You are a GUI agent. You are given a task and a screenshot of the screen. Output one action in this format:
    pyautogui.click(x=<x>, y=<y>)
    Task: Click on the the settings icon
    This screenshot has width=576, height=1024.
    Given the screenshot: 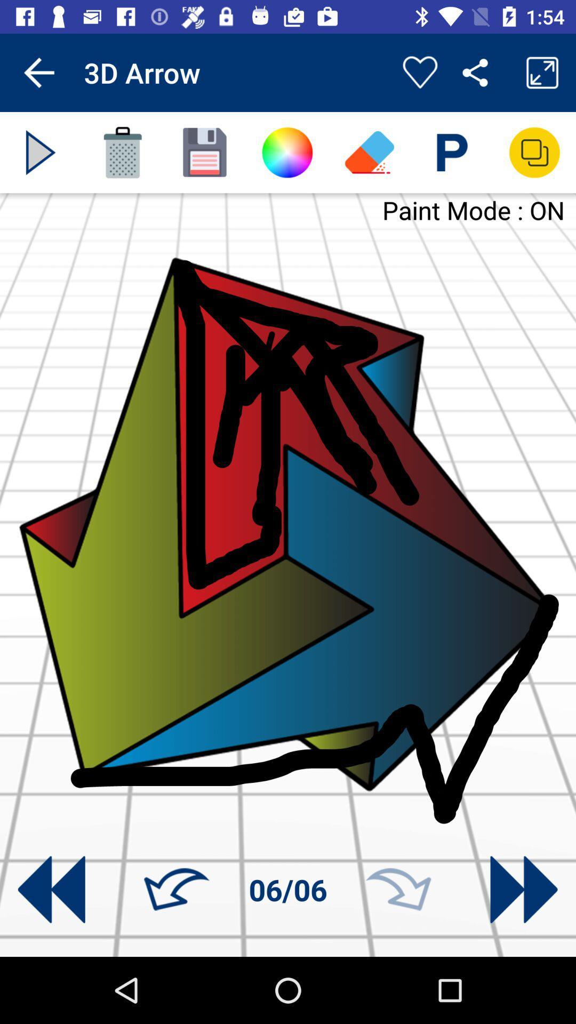 What is the action you would take?
    pyautogui.click(x=452, y=74)
    